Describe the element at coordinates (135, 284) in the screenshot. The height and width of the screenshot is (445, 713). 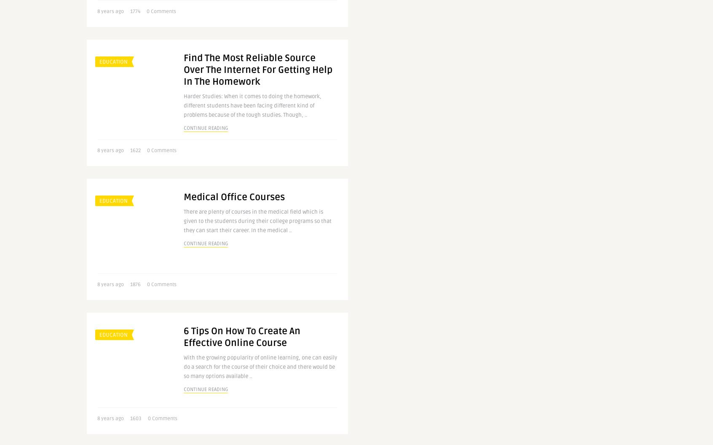
I see `'1876'` at that location.